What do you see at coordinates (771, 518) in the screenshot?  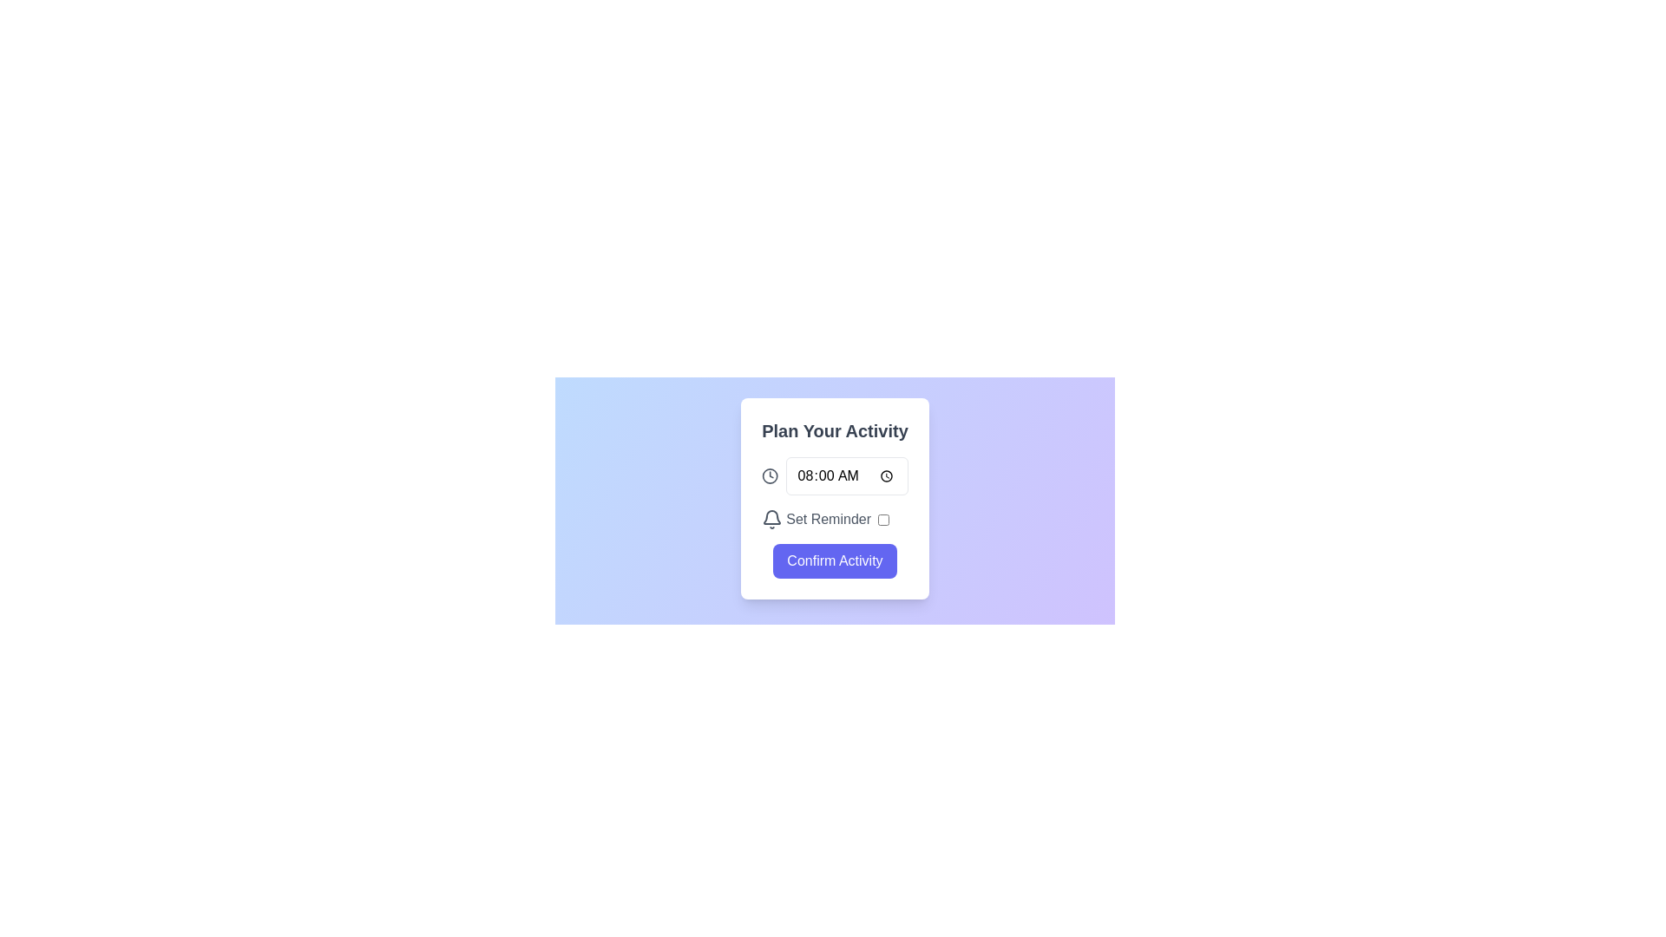 I see `the bell icon representing the reminder functionality, which is positioned to the left of the 'Set Reminder' label and adjacent to a checkbox` at bounding box center [771, 518].